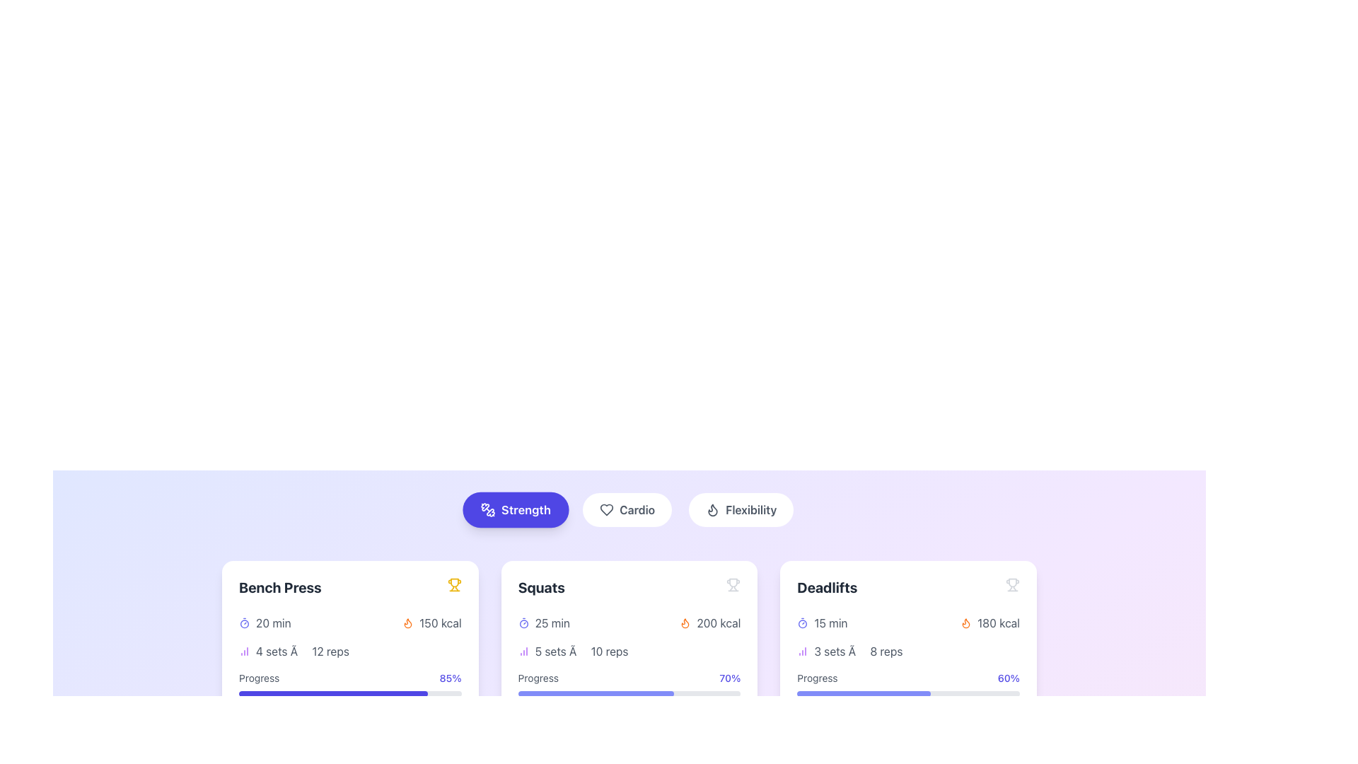 The image size is (1358, 764). What do you see at coordinates (407, 622) in the screenshot?
I see `the flame-shaped icon in bright orange color located to the left of the text reading '150 kcal'` at bounding box center [407, 622].